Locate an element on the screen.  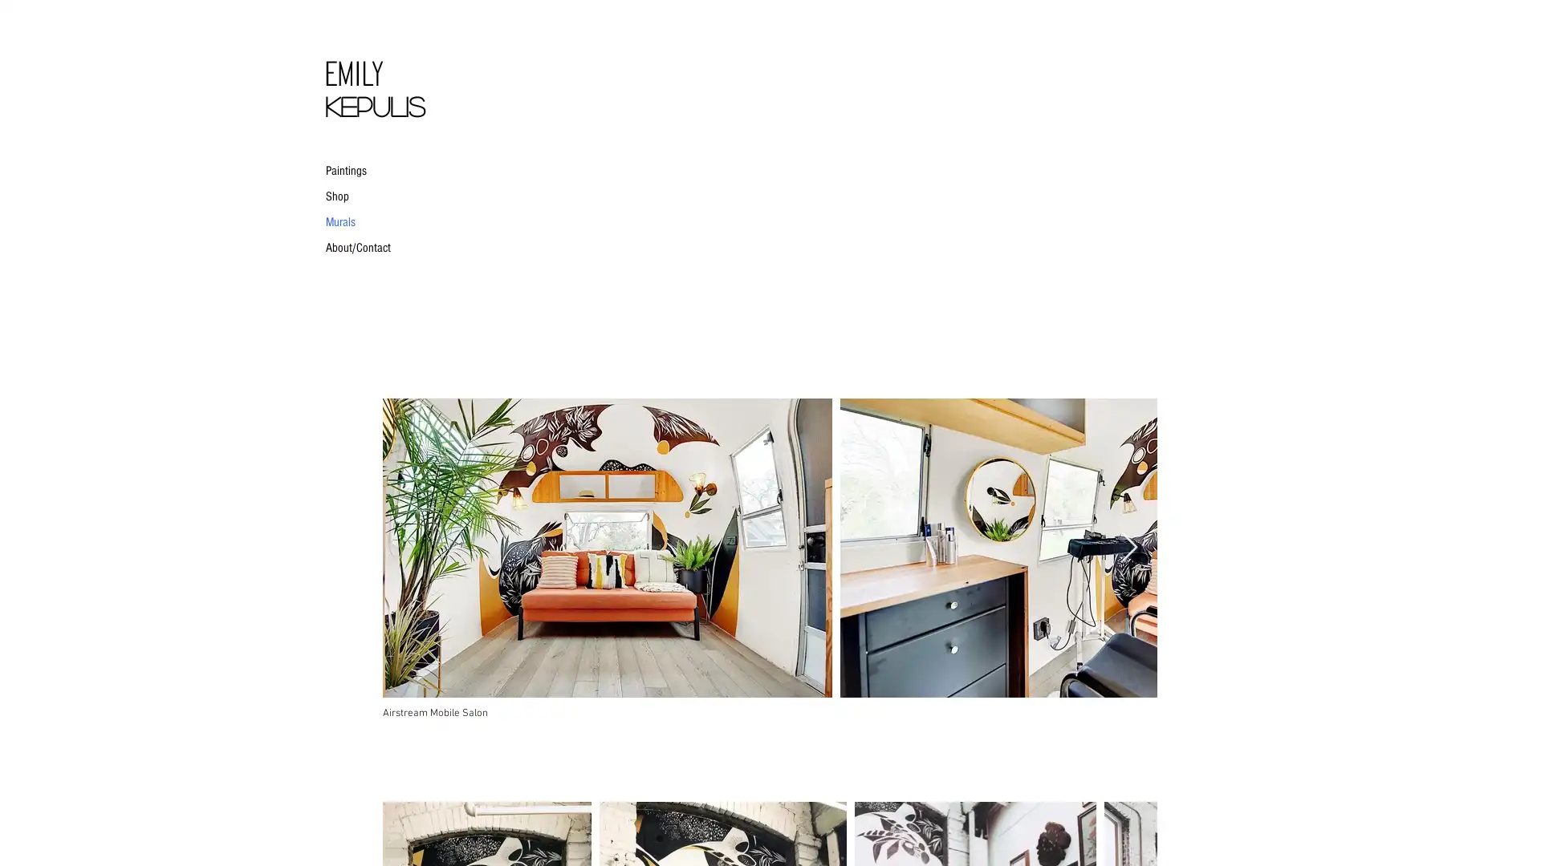
IMG_0017.JPG is located at coordinates (1064, 546).